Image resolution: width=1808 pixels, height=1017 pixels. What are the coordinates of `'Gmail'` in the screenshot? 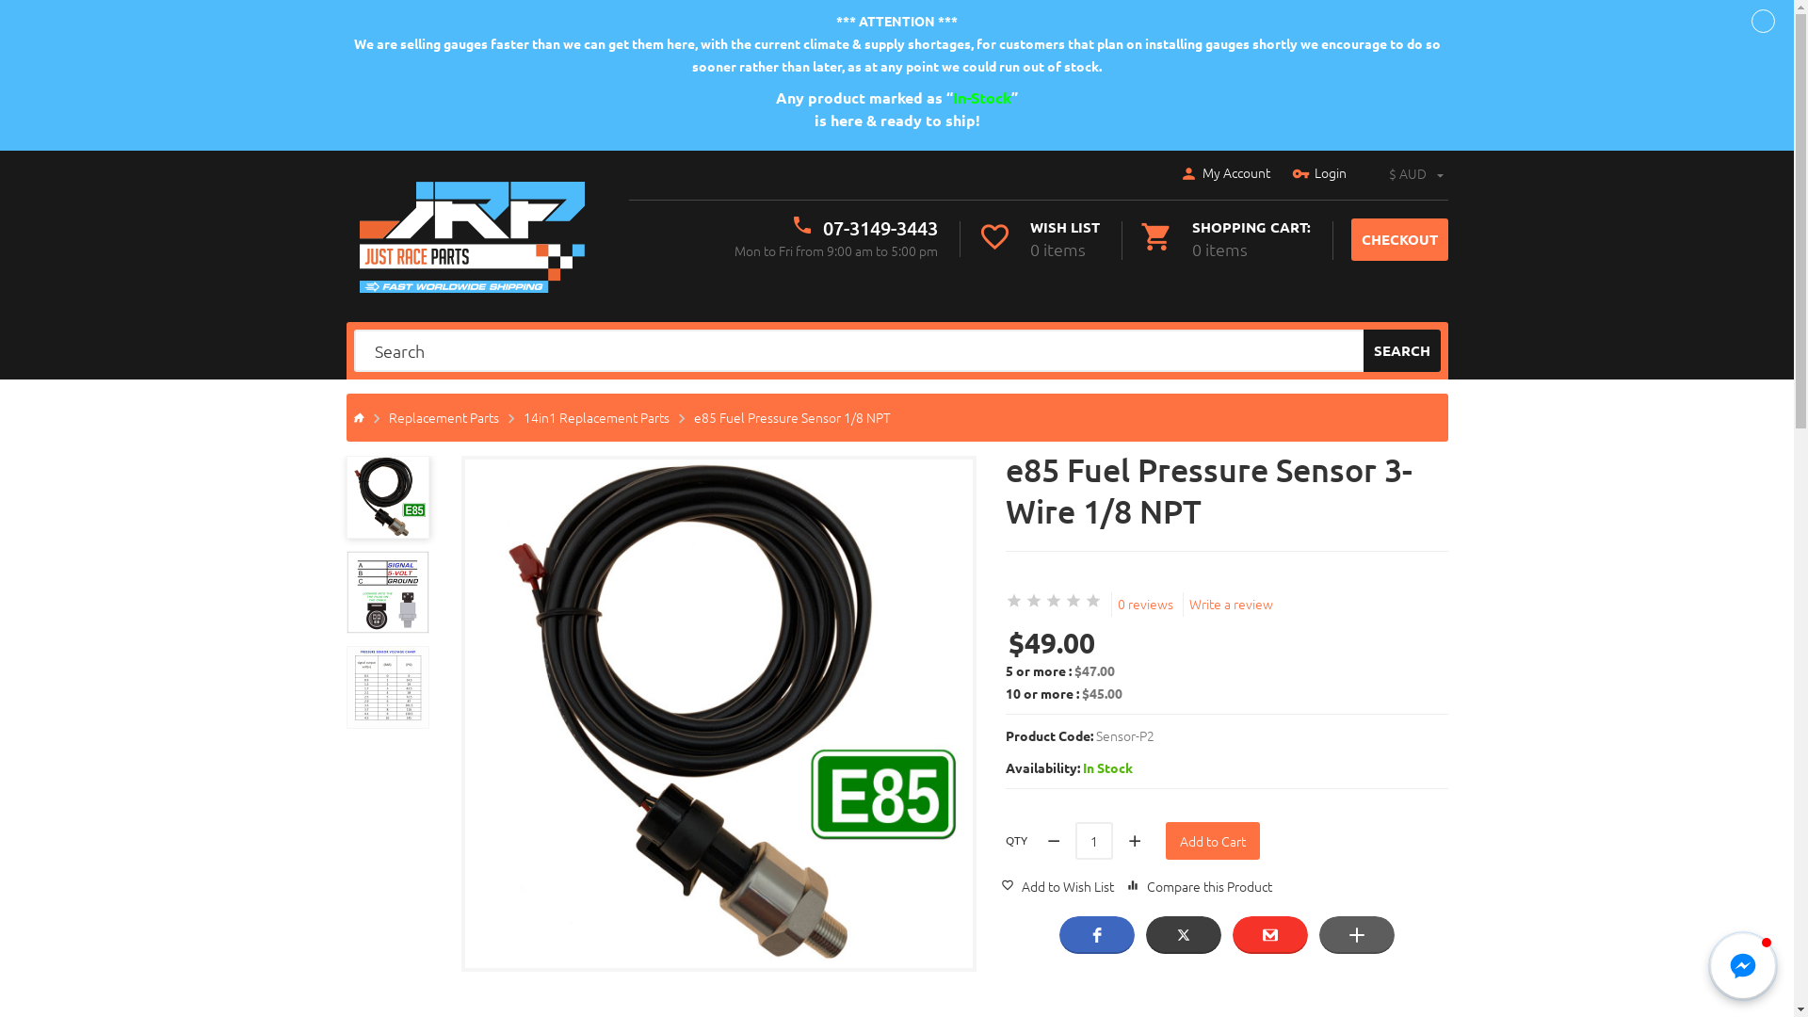 It's located at (1269, 934).